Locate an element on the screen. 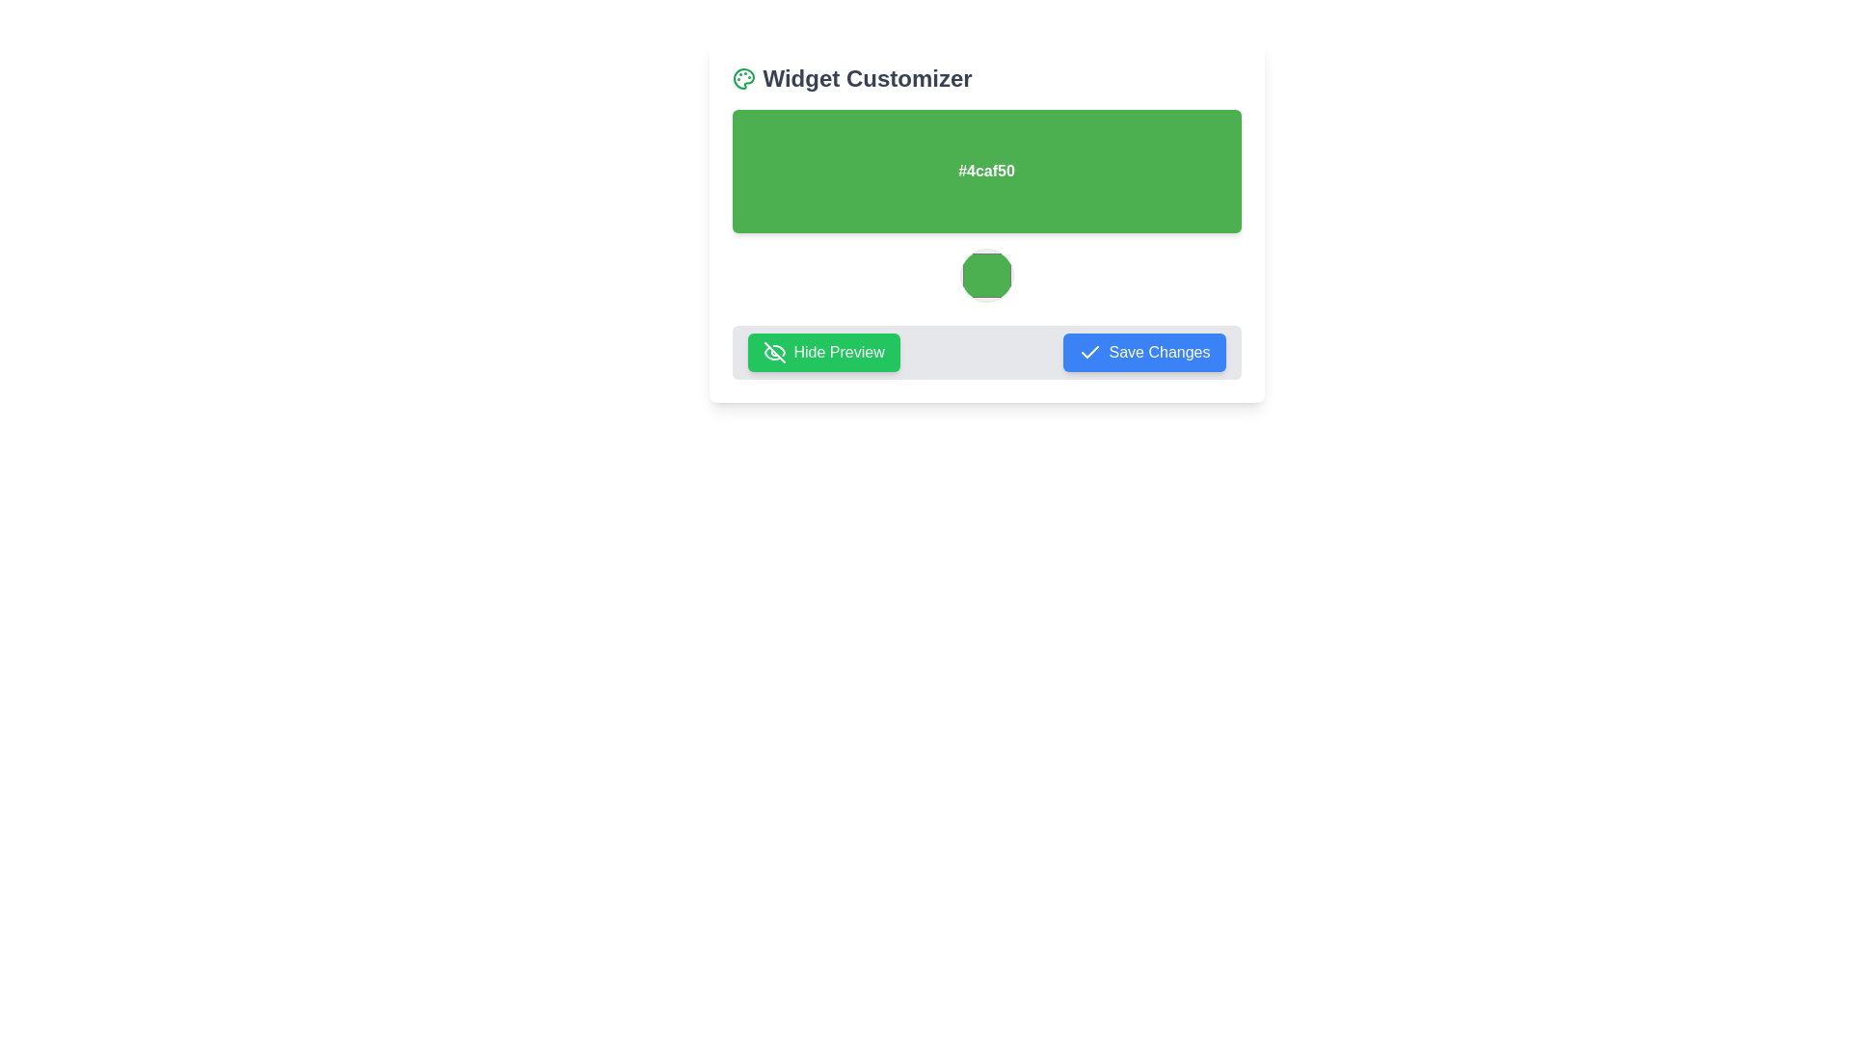 Image resolution: width=1851 pixels, height=1041 pixels. the decorative icon for the 'Widget Customizer' section, which is located on the left side of the header and symbolizes customization is located at coordinates (742, 77).